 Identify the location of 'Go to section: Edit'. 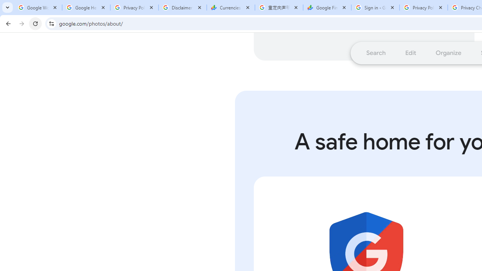
(410, 52).